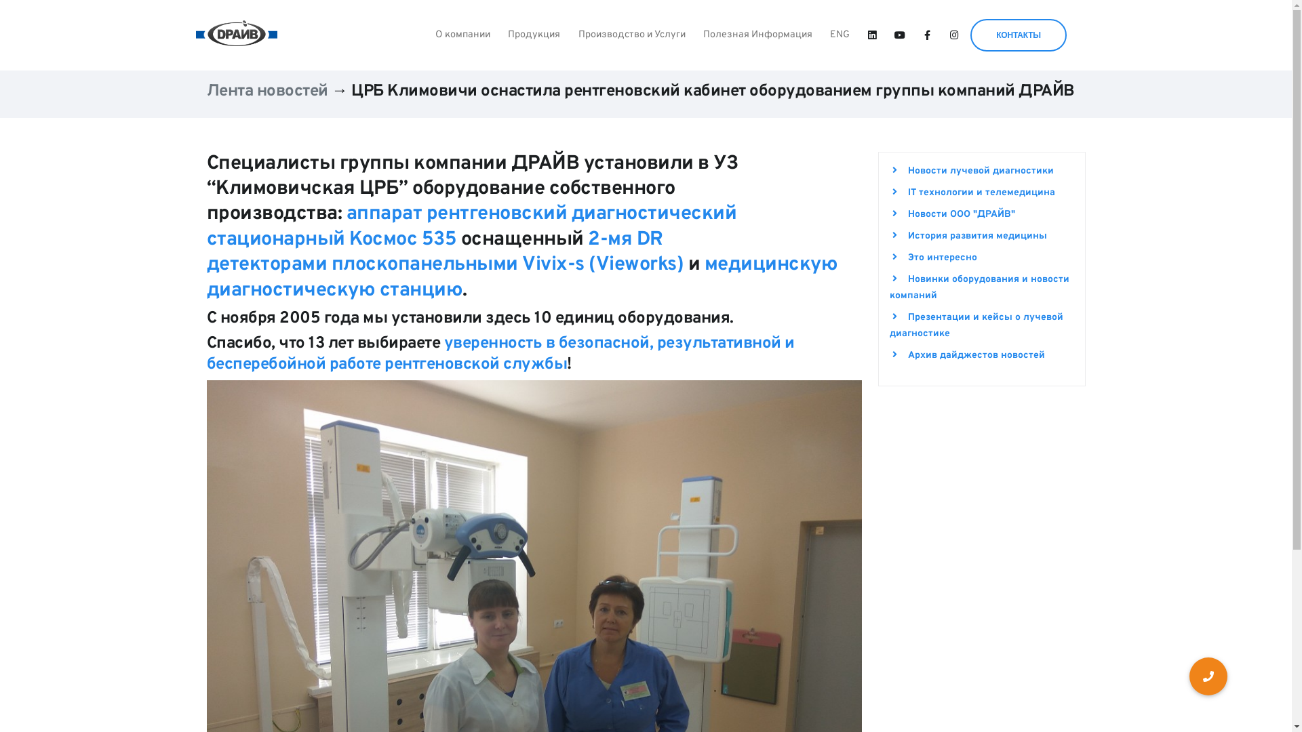 The width and height of the screenshot is (1302, 732). What do you see at coordinates (872, 35) in the screenshot?
I see `'LinkedIn'` at bounding box center [872, 35].